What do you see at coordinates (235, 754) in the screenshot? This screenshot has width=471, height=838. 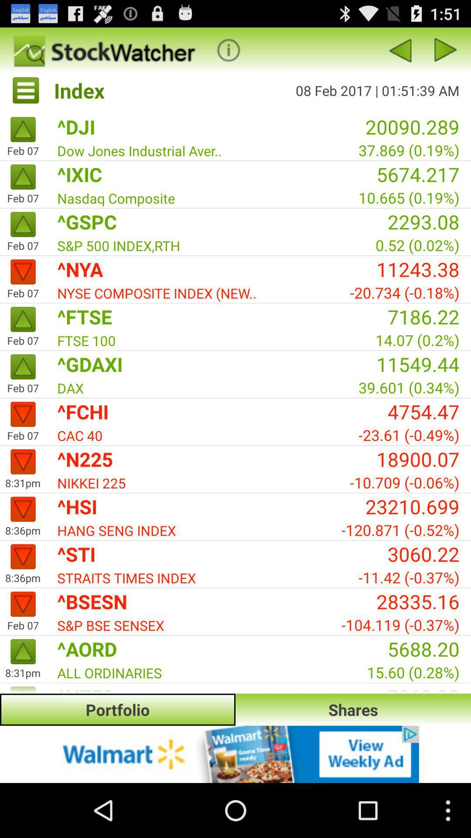 I see `advertisement` at bounding box center [235, 754].